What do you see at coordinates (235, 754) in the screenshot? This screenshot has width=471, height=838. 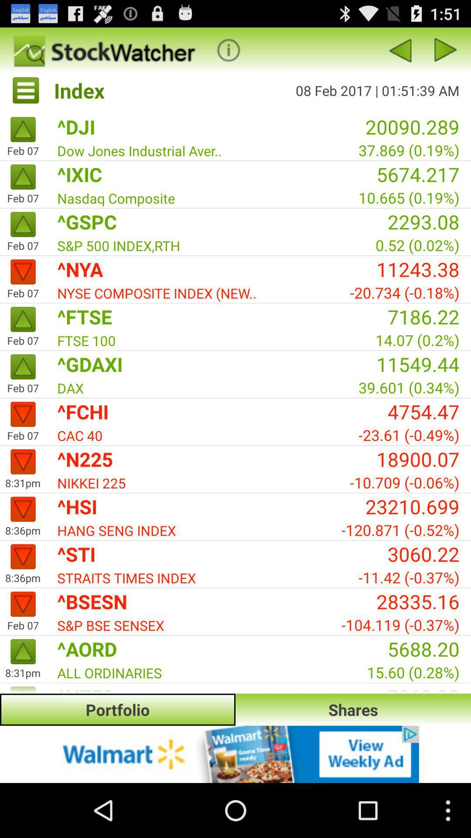 I see `advertisement` at bounding box center [235, 754].